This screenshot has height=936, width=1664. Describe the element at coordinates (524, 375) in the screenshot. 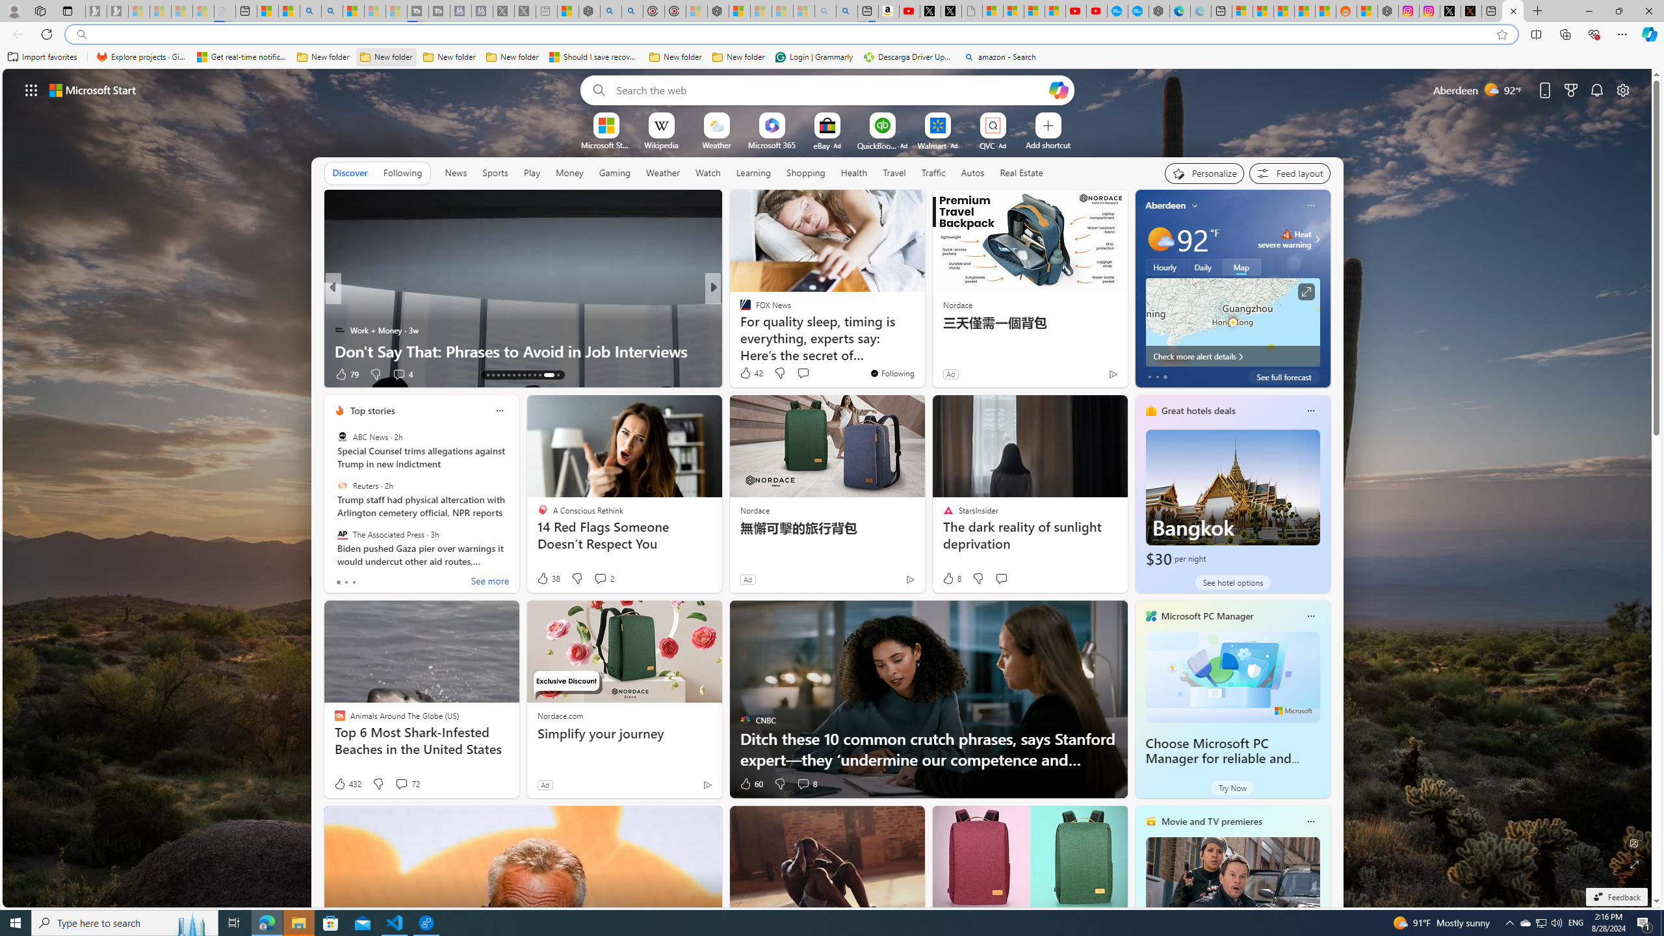

I see `'AutomationID: tab-20'` at that location.